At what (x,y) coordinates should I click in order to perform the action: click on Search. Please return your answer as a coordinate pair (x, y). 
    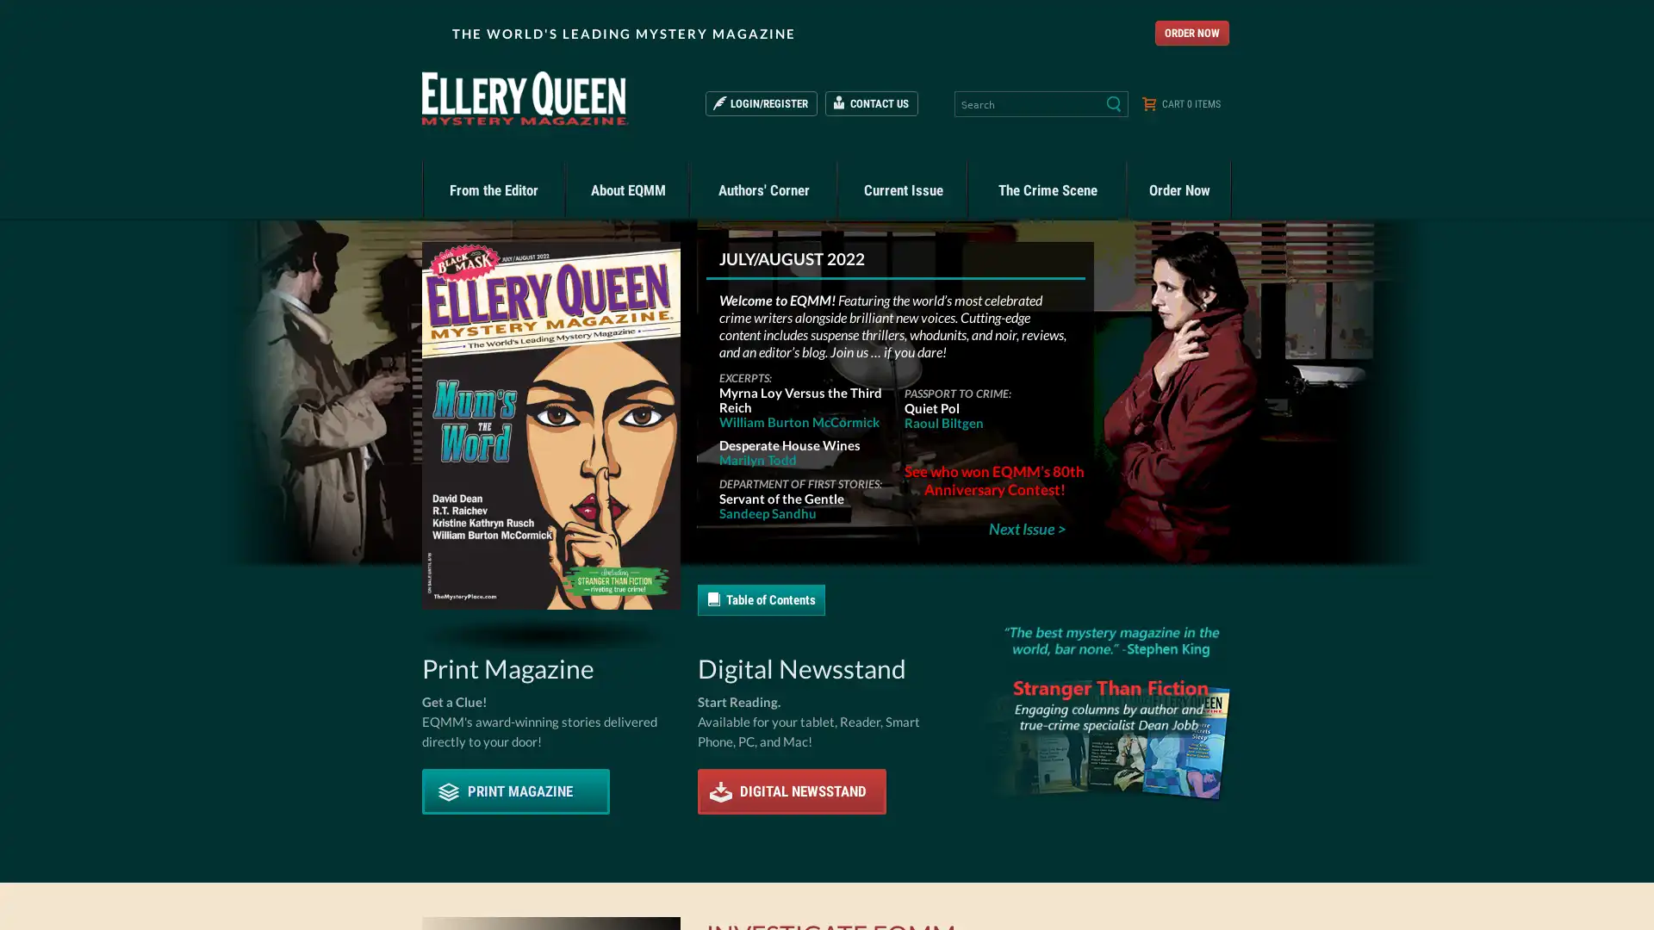
    Looking at the image, I should click on (1113, 103).